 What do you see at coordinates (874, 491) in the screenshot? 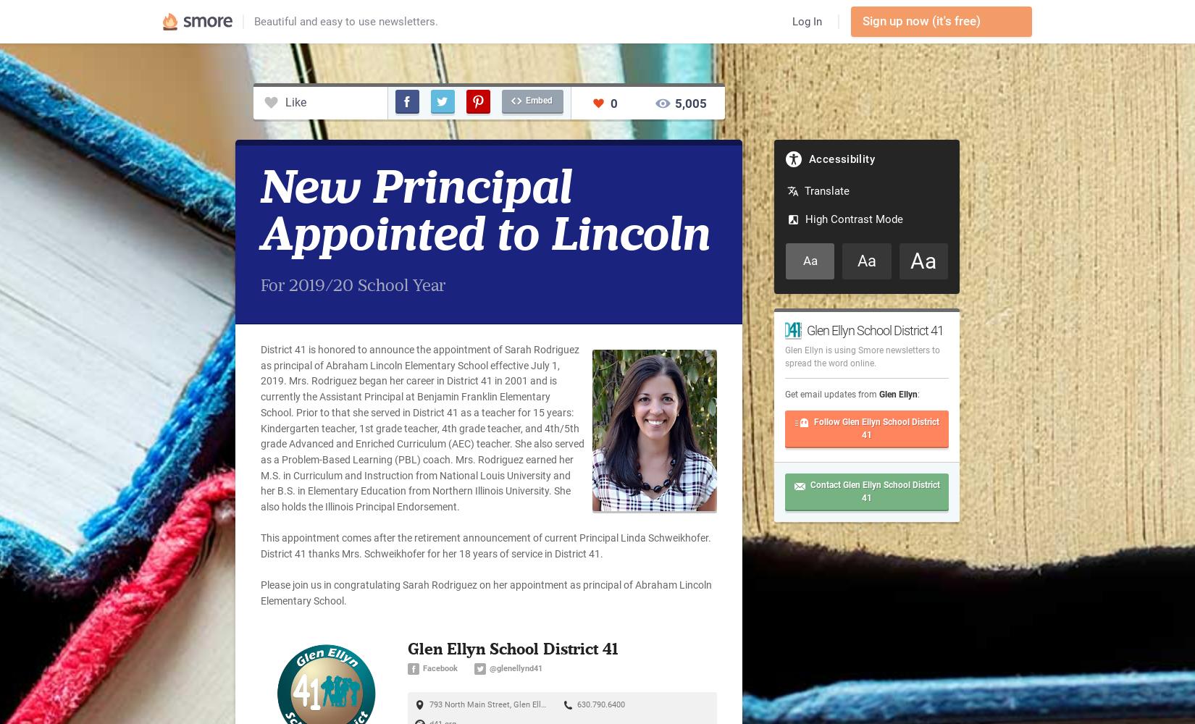
I see `'Contact Glen Ellyn School District 41'` at bounding box center [874, 491].